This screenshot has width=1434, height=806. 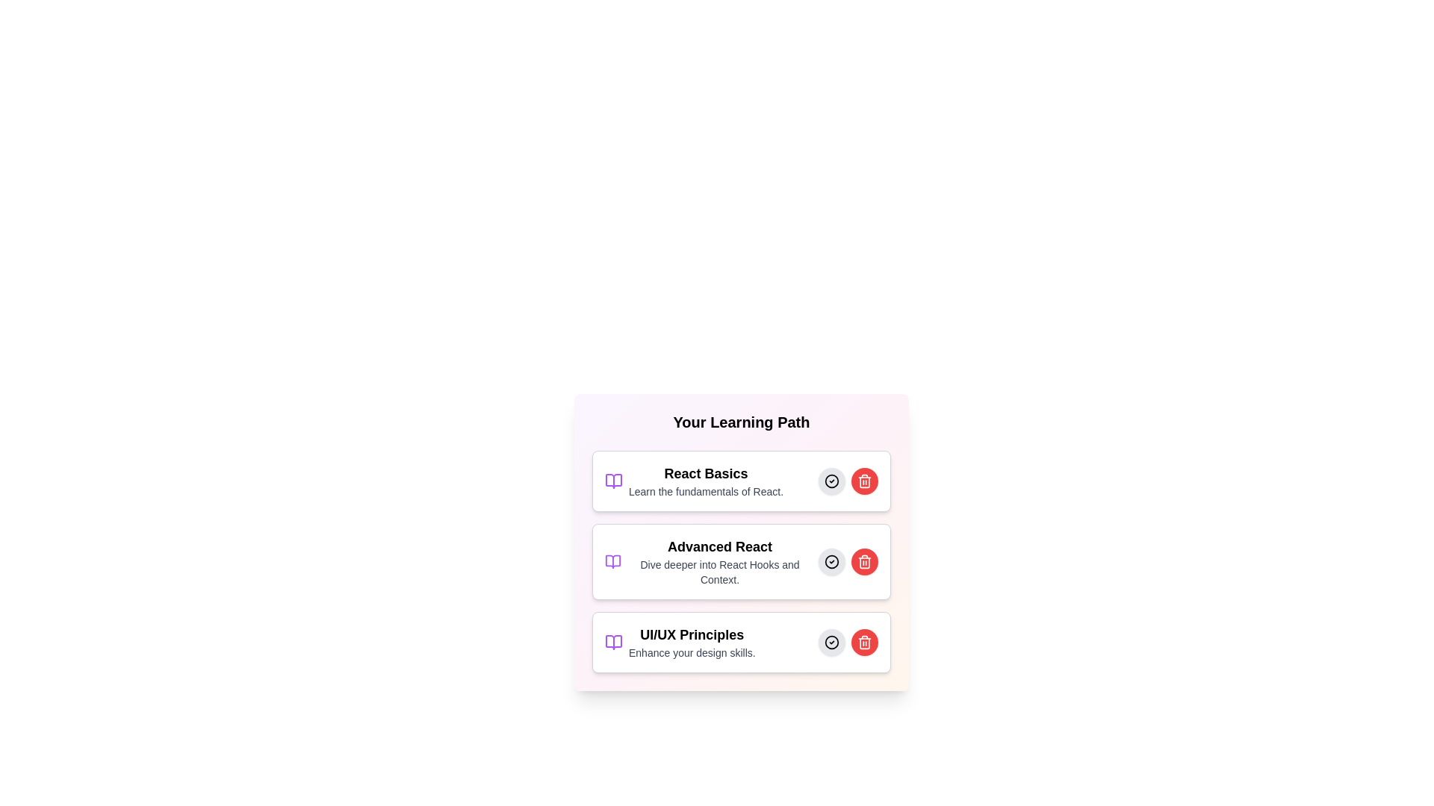 I want to click on the select button for the UI/UX Principles learning path, so click(x=831, y=641).